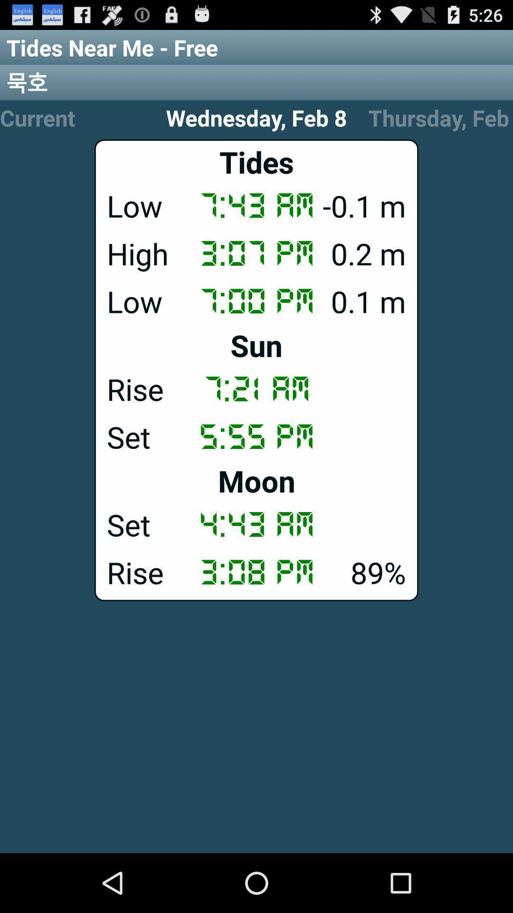  Describe the element at coordinates (256, 344) in the screenshot. I see `the sun` at that location.